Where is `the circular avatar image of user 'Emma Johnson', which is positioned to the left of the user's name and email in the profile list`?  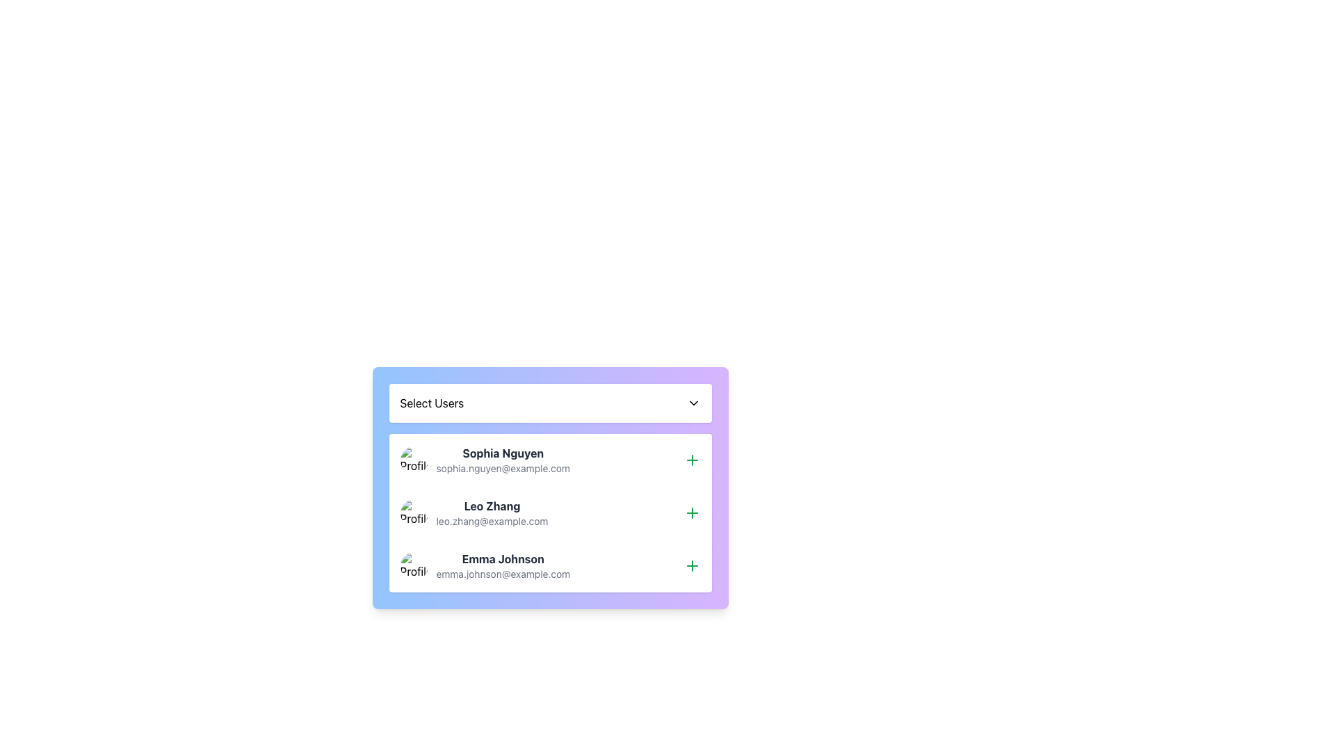
the circular avatar image of user 'Emma Johnson', which is positioned to the left of the user's name and email in the profile list is located at coordinates (413, 565).